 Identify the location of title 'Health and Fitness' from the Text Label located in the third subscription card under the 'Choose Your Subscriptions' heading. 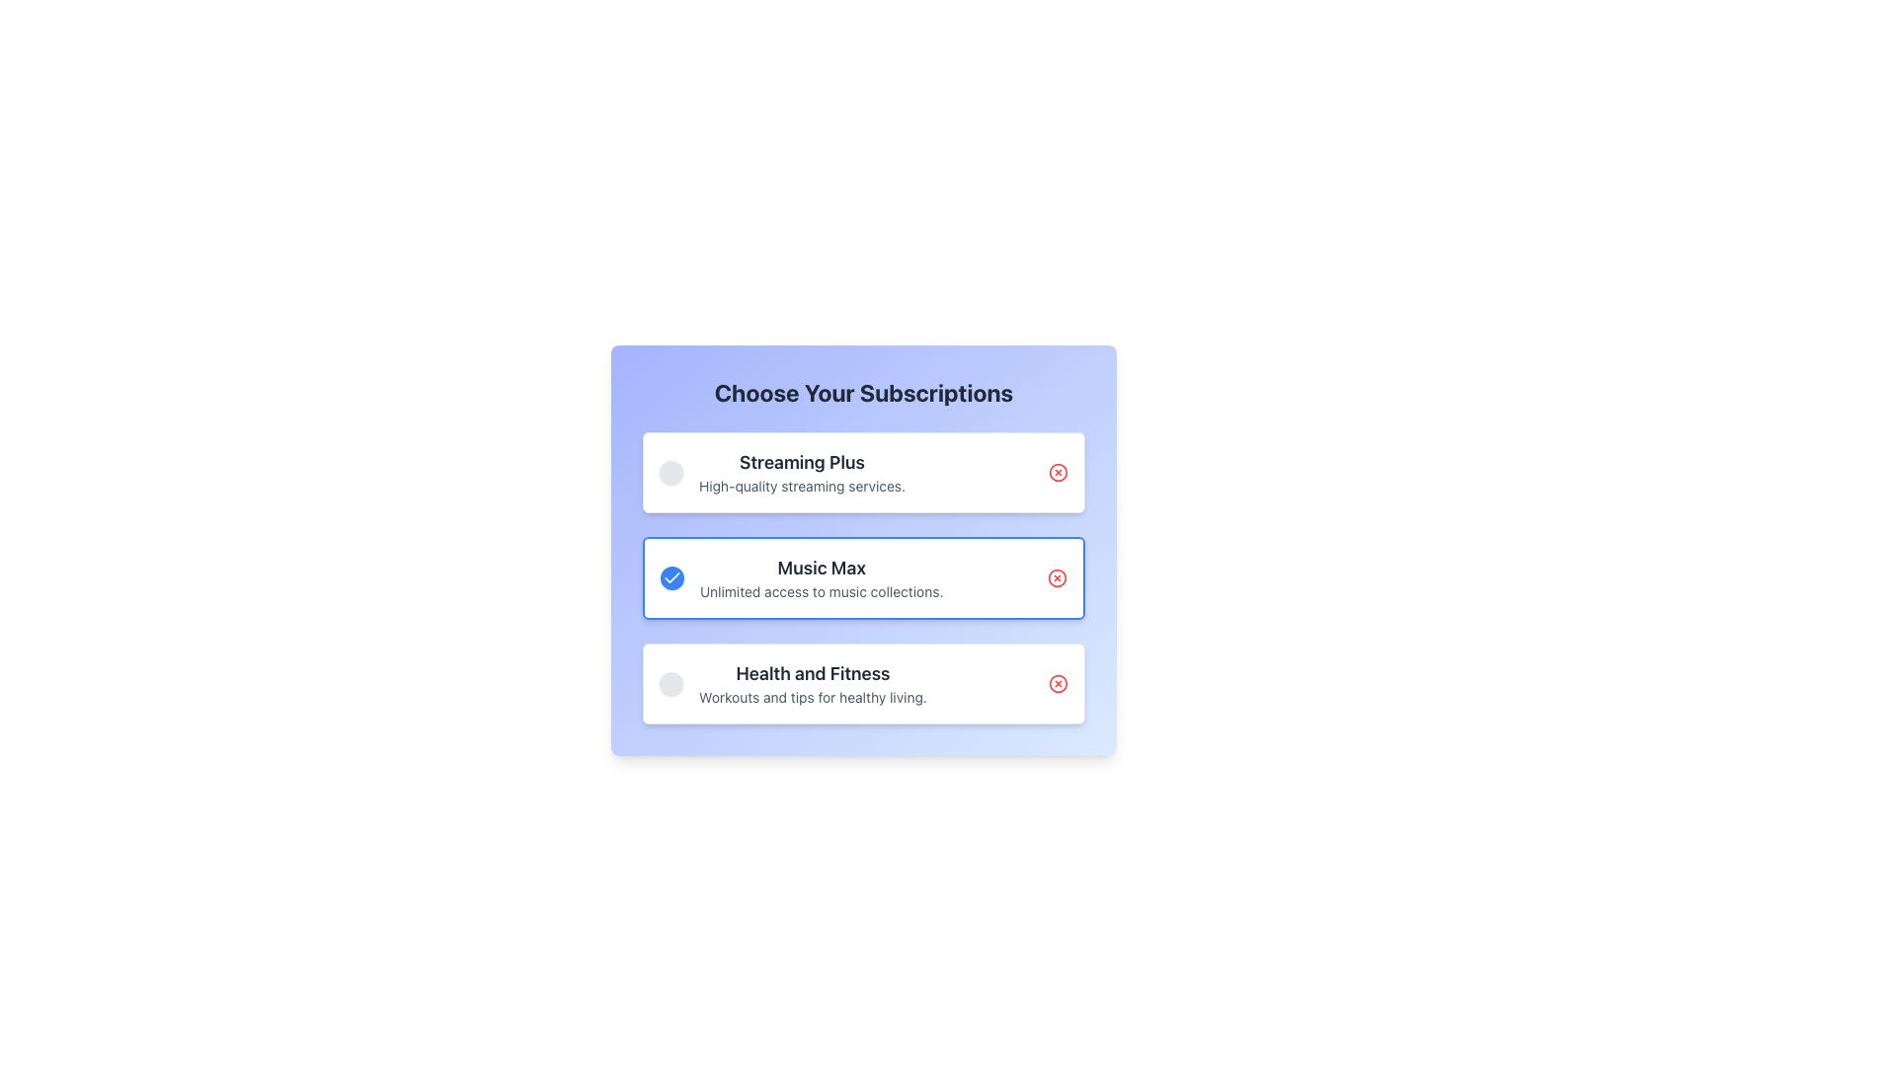
(813, 672).